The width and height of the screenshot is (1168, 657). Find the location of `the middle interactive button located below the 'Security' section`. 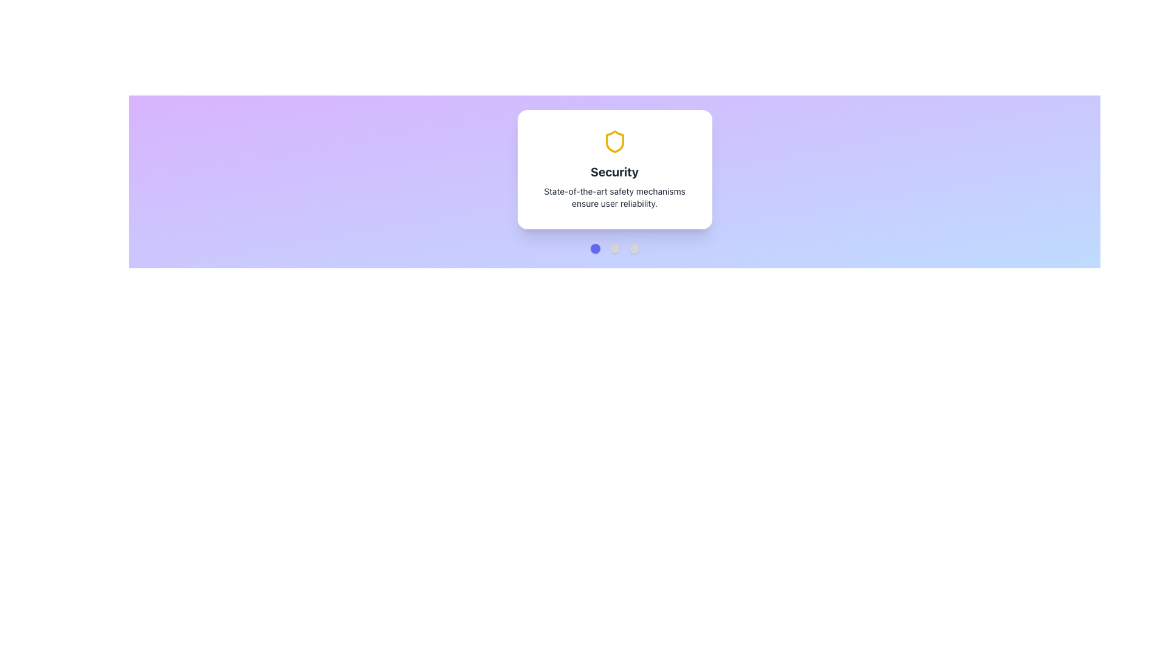

the middle interactive button located below the 'Security' section is located at coordinates (614, 248).